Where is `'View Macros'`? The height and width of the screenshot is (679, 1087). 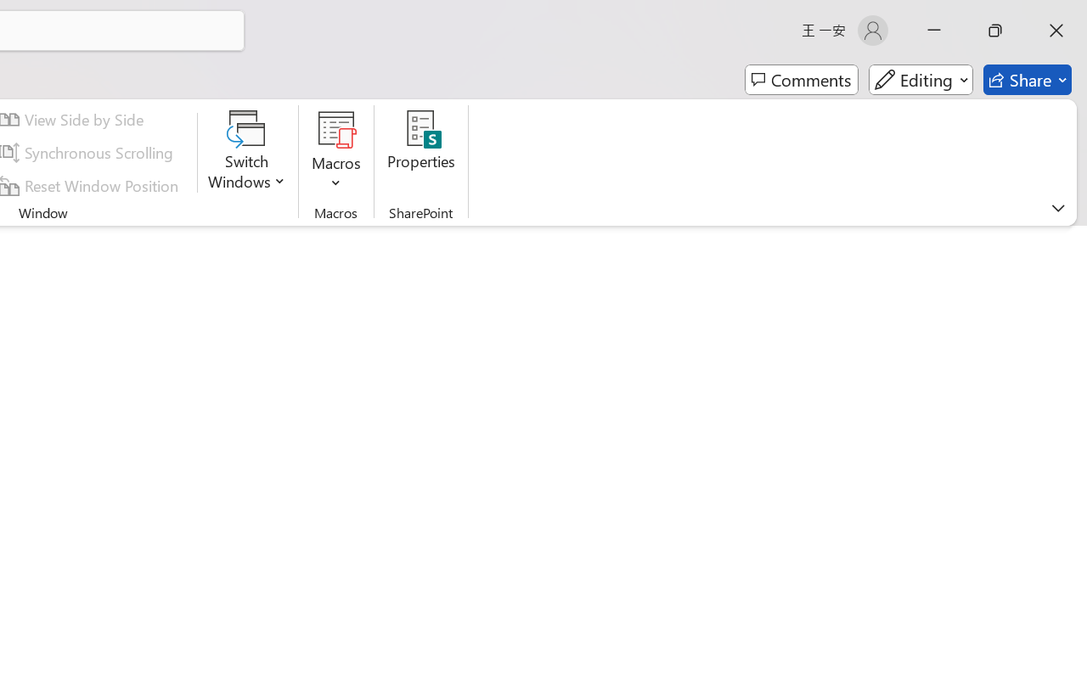
'View Macros' is located at coordinates (336, 128).